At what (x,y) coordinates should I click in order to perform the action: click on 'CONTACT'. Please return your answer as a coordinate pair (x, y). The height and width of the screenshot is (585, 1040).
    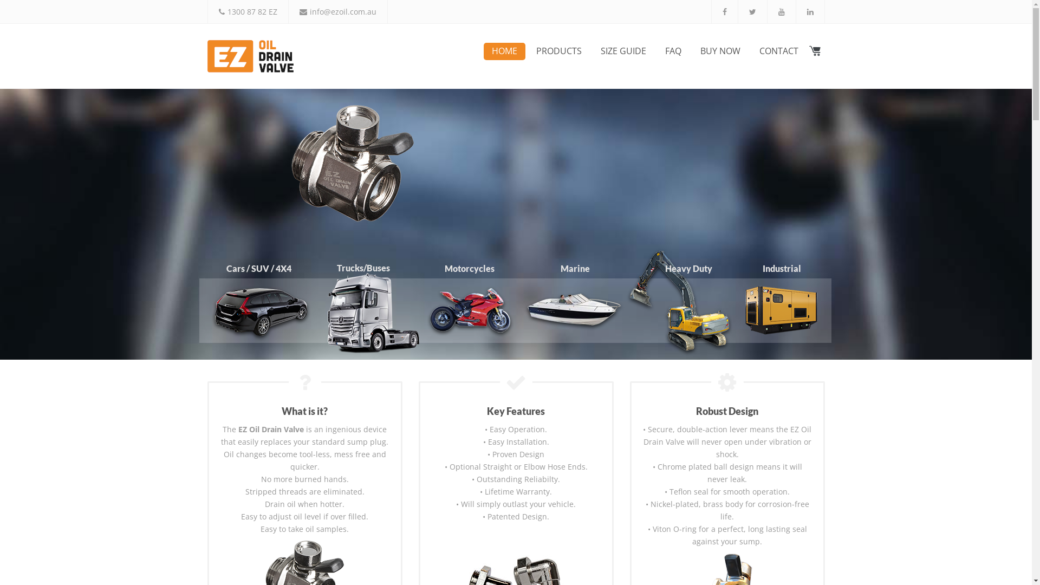
    Looking at the image, I should click on (777, 51).